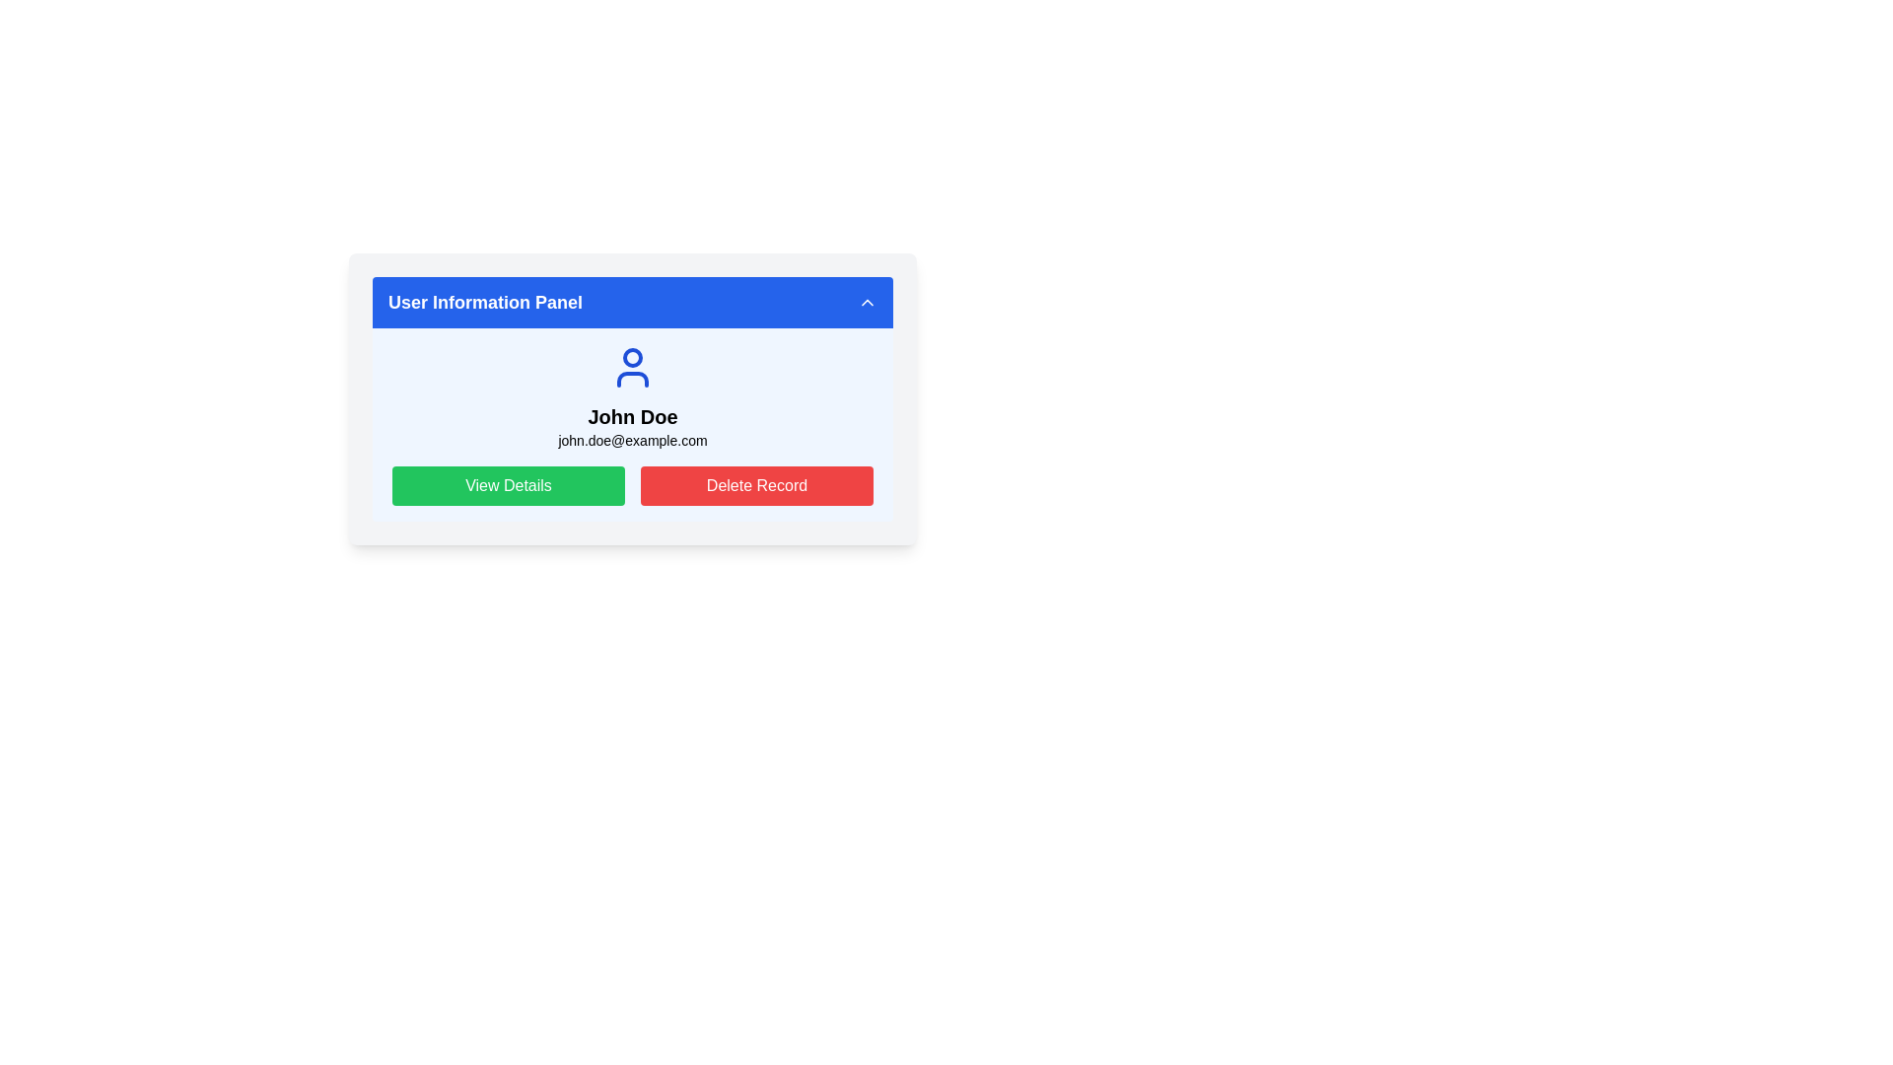  What do you see at coordinates (508, 486) in the screenshot?
I see `the 'View Details' button located in the 'User Information Panel' below the user details, specifically on the left side of the 'Delete Record' button` at bounding box center [508, 486].